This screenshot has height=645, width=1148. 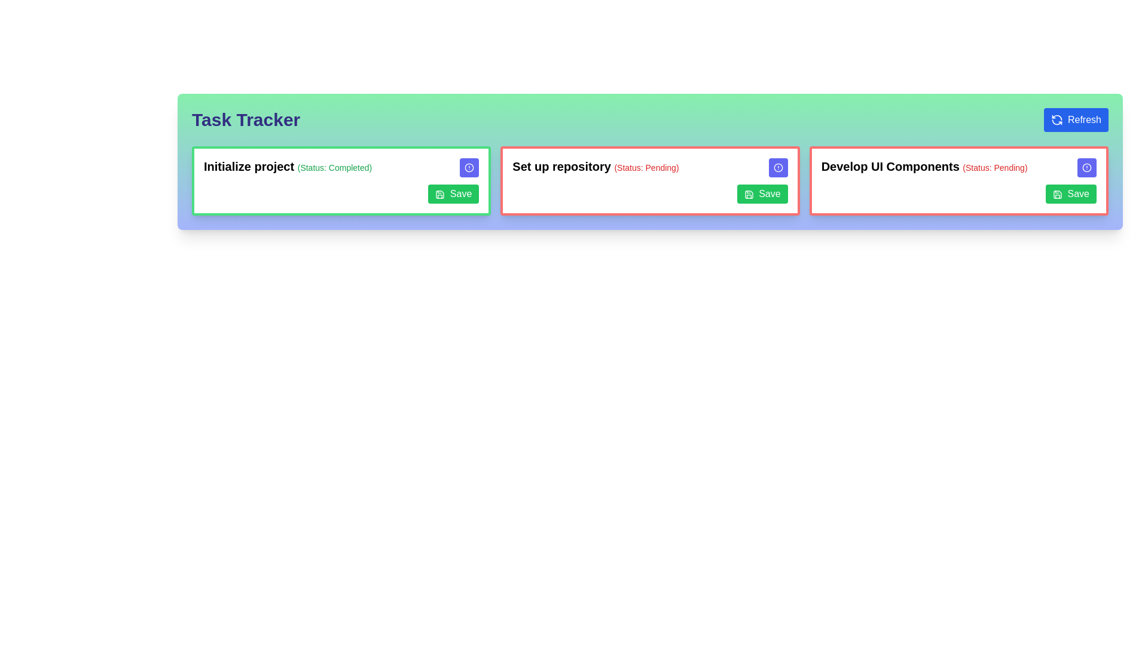 What do you see at coordinates (245, 119) in the screenshot?
I see `the 'Task Tracker' text label, which is styled in bold, large indigo font on a gradient green background at the top-left section of the interface` at bounding box center [245, 119].